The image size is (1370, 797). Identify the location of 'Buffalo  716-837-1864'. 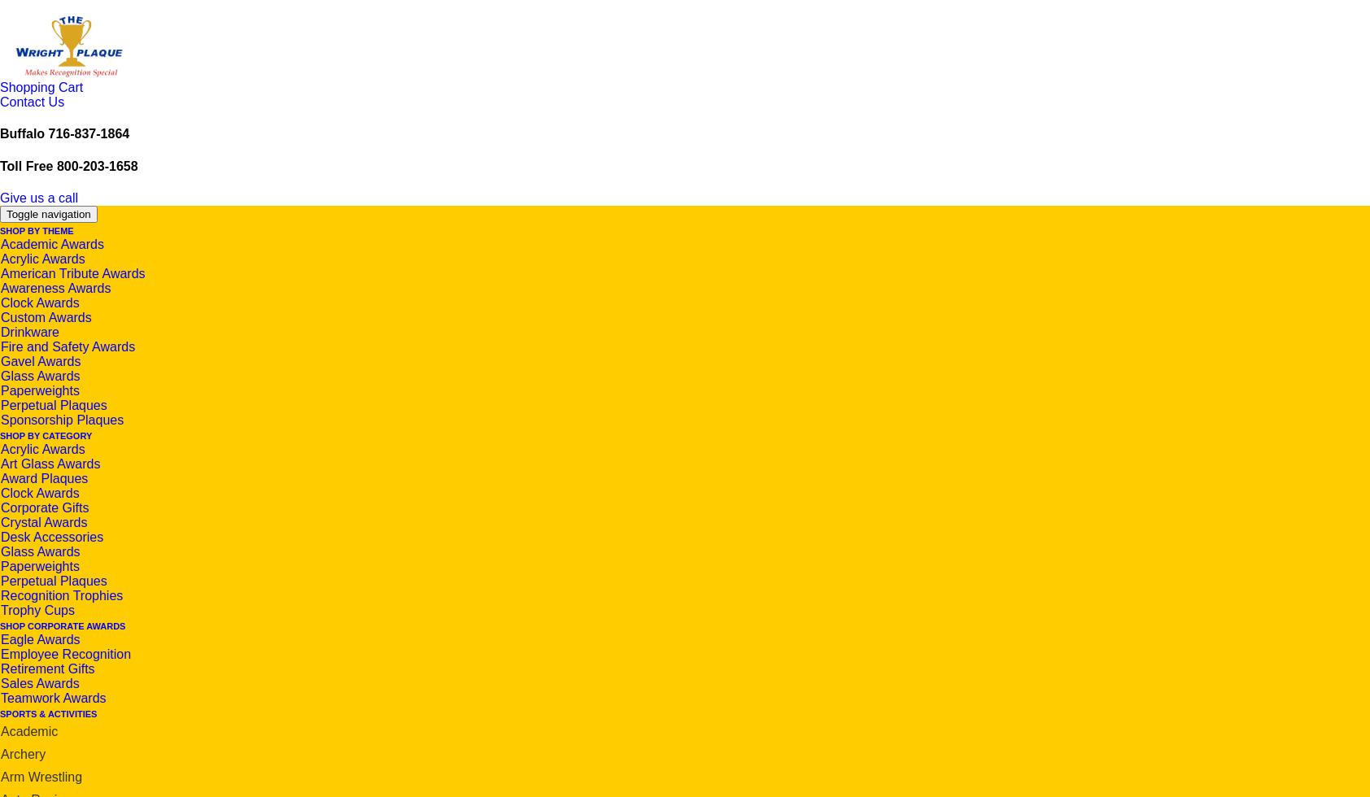
(63, 133).